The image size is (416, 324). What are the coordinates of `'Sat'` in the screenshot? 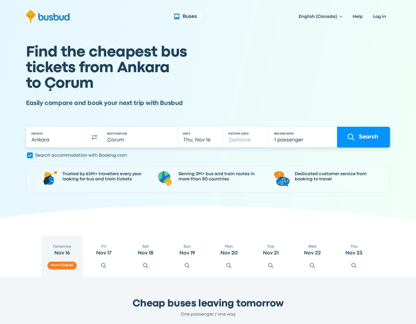 It's located at (145, 246).